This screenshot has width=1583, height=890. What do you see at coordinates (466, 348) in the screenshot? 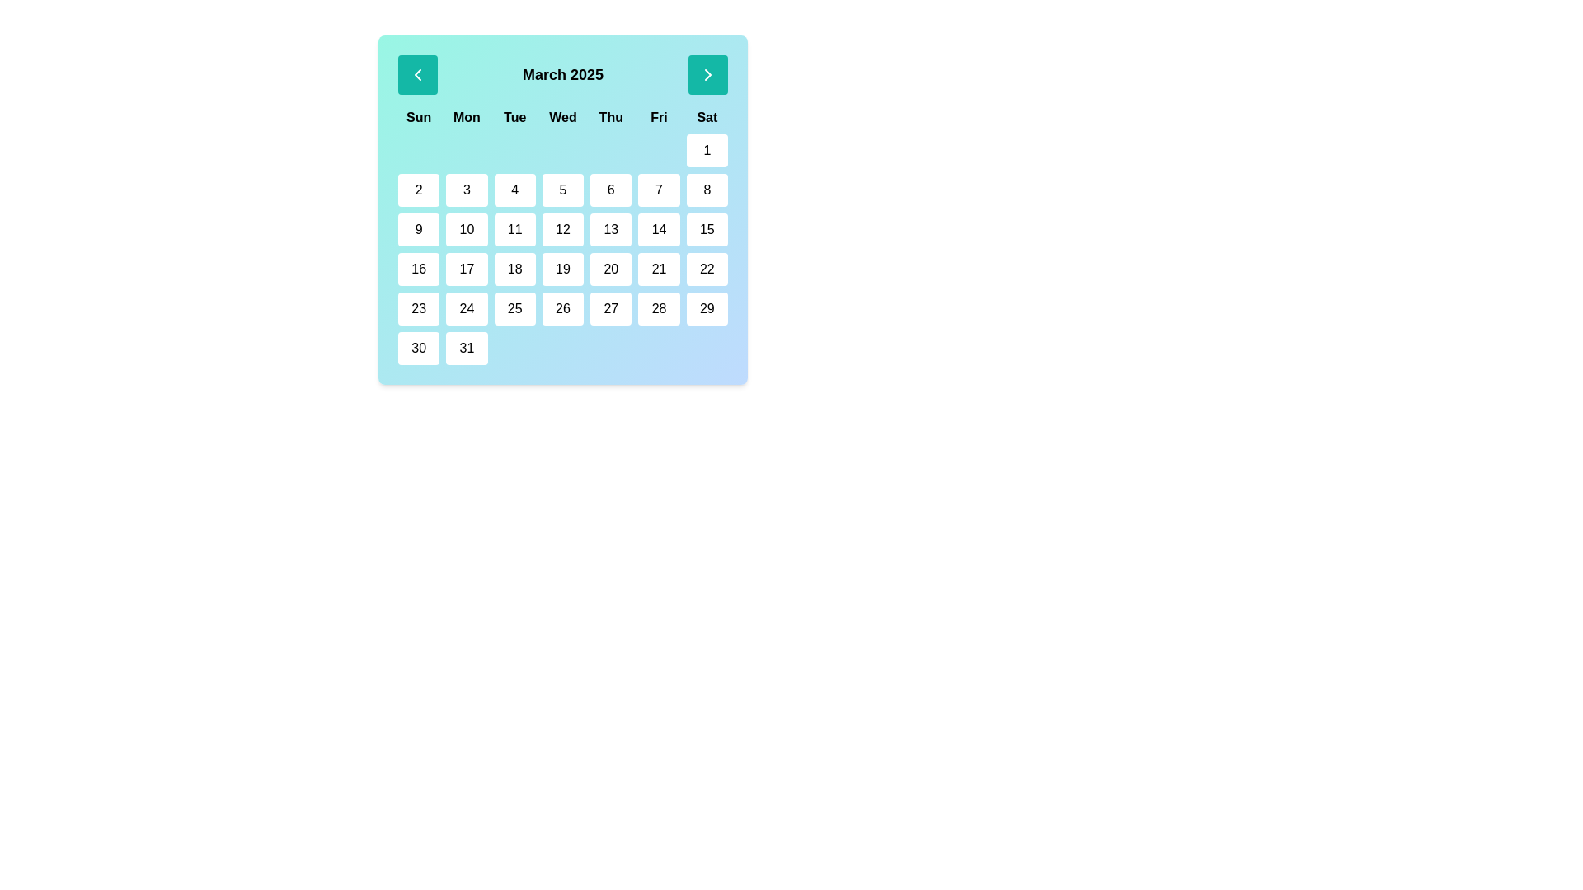
I see `the button representing the 31st date in the calendar, located in the bottom row under 'Sat'` at bounding box center [466, 348].